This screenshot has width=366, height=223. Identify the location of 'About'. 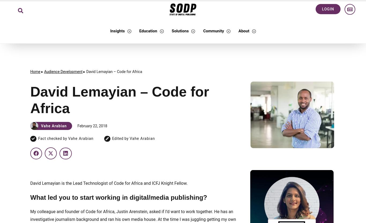
(244, 31).